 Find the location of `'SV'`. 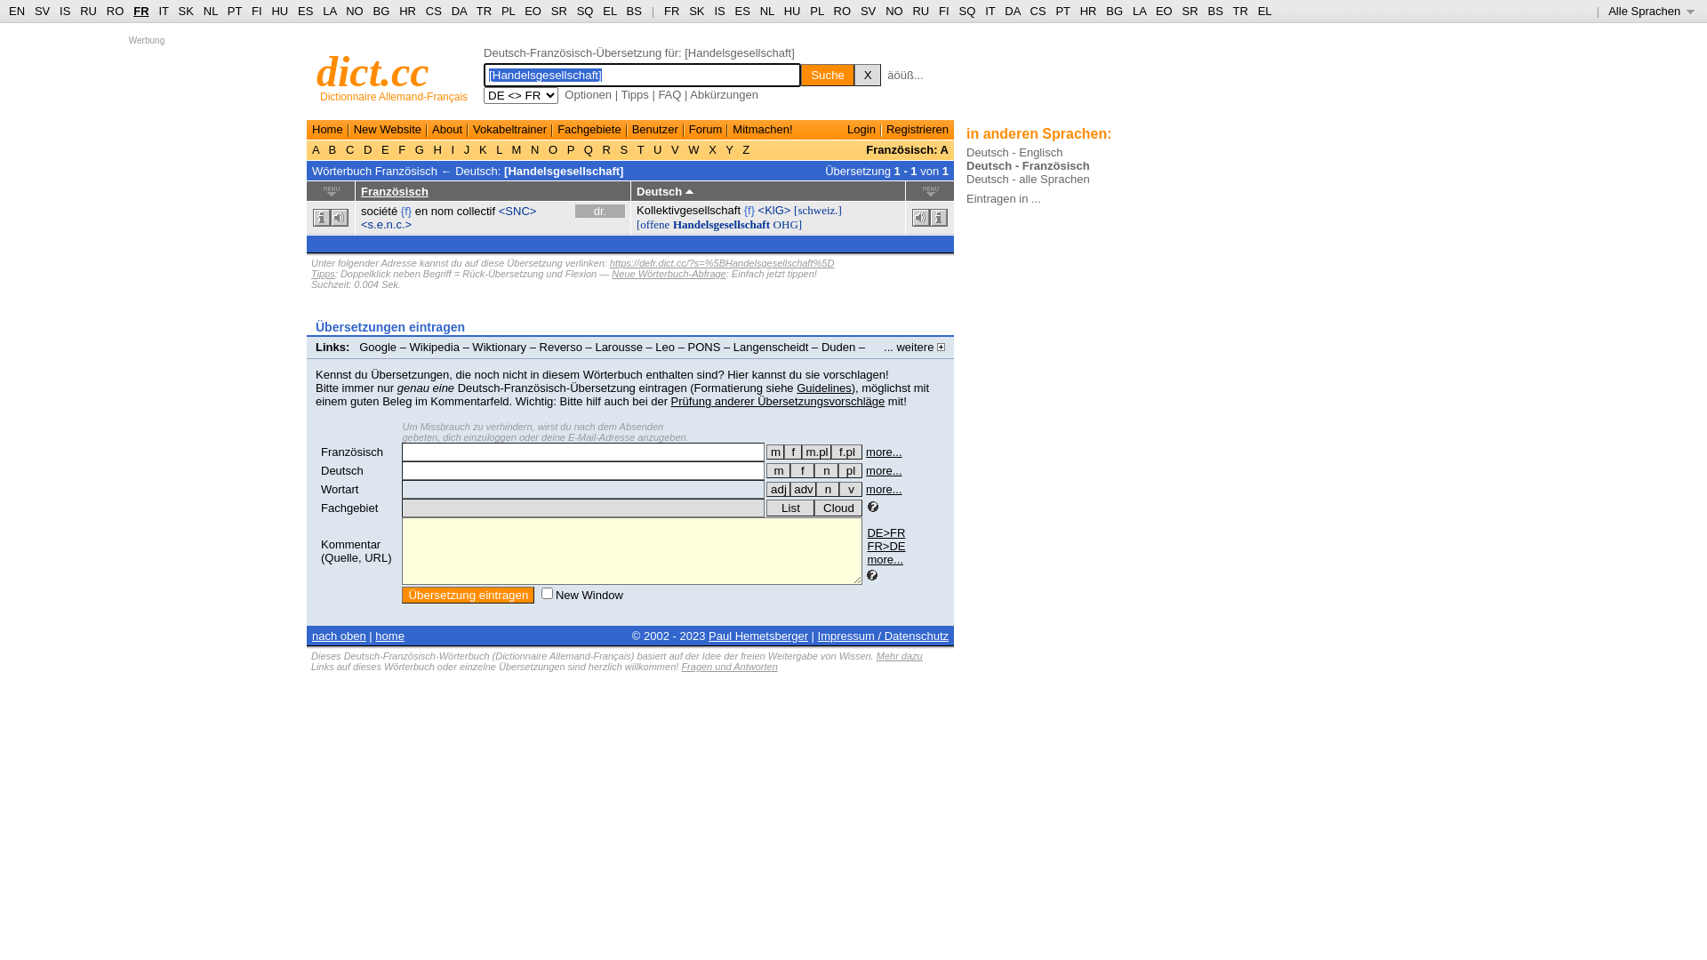

'SV' is located at coordinates (868, 11).